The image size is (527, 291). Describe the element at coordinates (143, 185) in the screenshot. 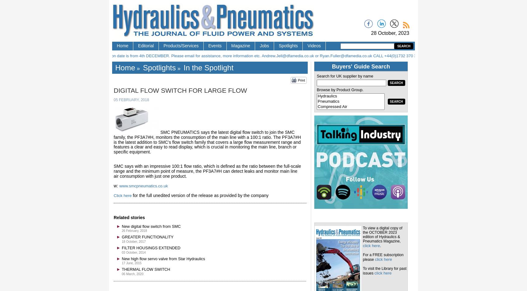

I see `'www.smcpneumatics.co.uk'` at that location.